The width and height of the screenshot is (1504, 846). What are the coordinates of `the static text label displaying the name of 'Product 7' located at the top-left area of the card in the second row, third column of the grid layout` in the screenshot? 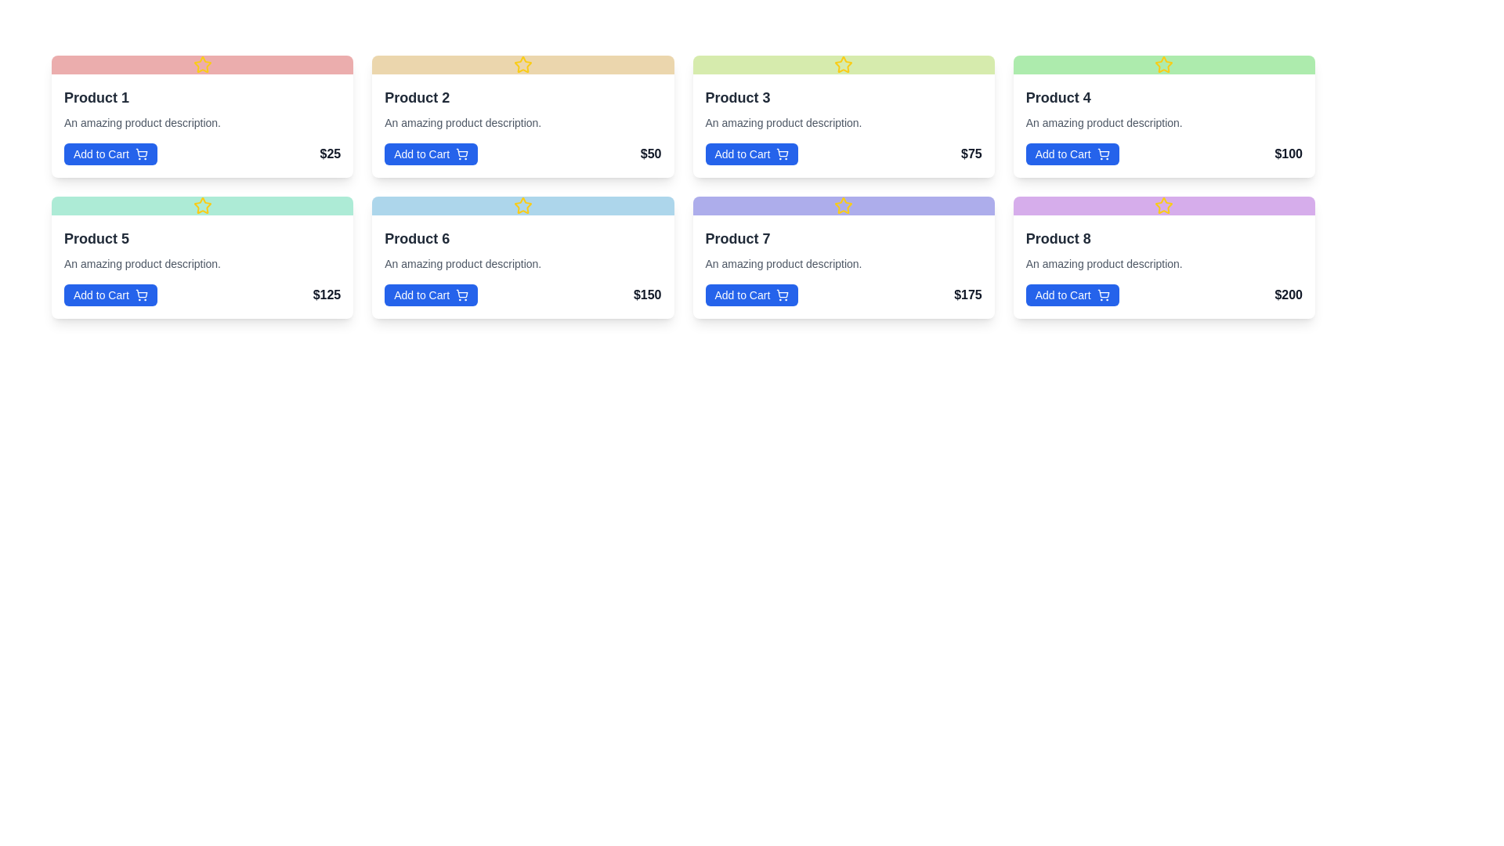 It's located at (736, 238).